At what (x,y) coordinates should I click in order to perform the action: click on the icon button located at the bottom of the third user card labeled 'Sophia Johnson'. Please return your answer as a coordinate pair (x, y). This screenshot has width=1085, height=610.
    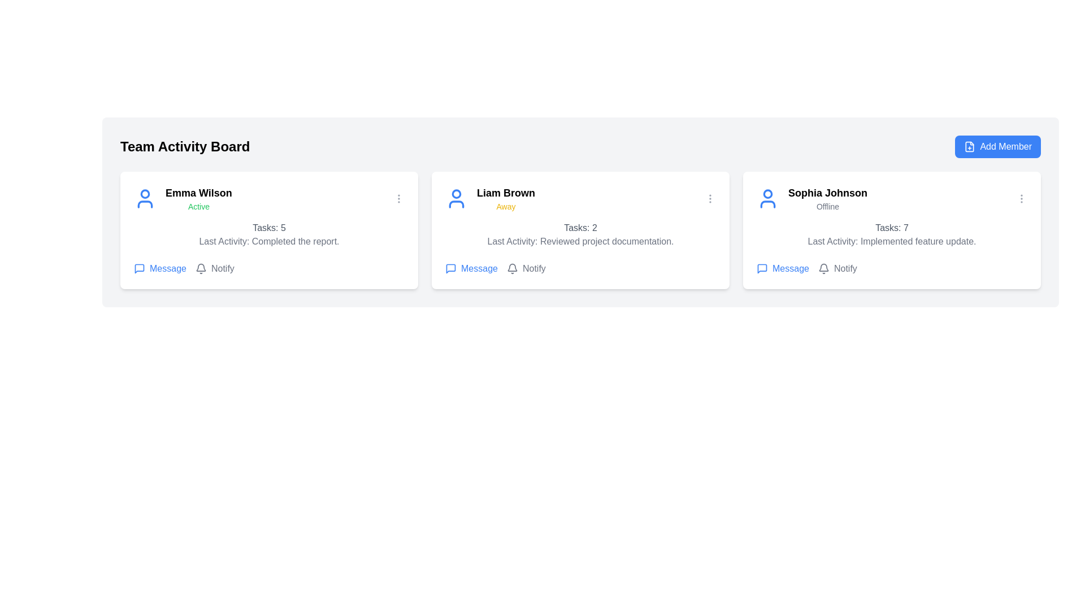
    Looking at the image, I should click on (762, 268).